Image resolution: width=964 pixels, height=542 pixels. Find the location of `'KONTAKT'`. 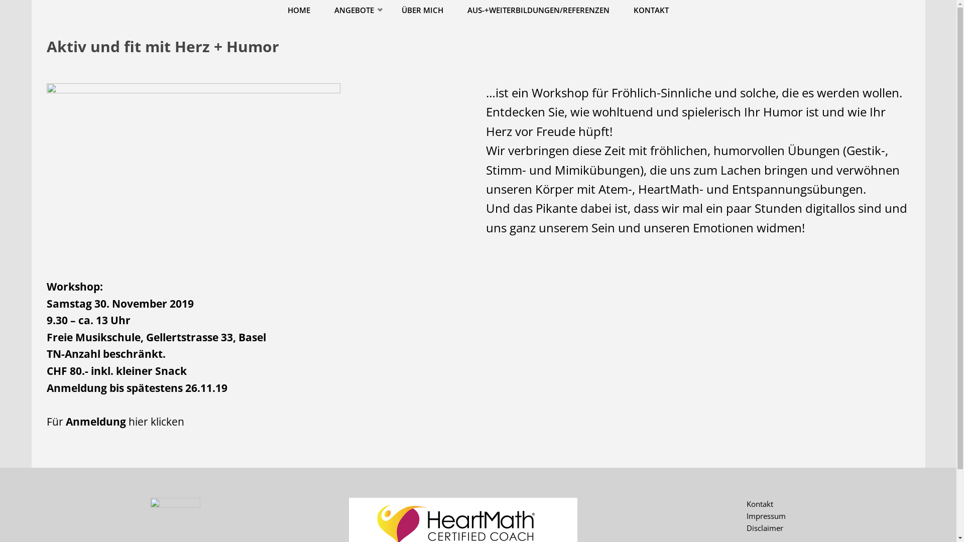

'KONTAKT' is located at coordinates (651, 10).